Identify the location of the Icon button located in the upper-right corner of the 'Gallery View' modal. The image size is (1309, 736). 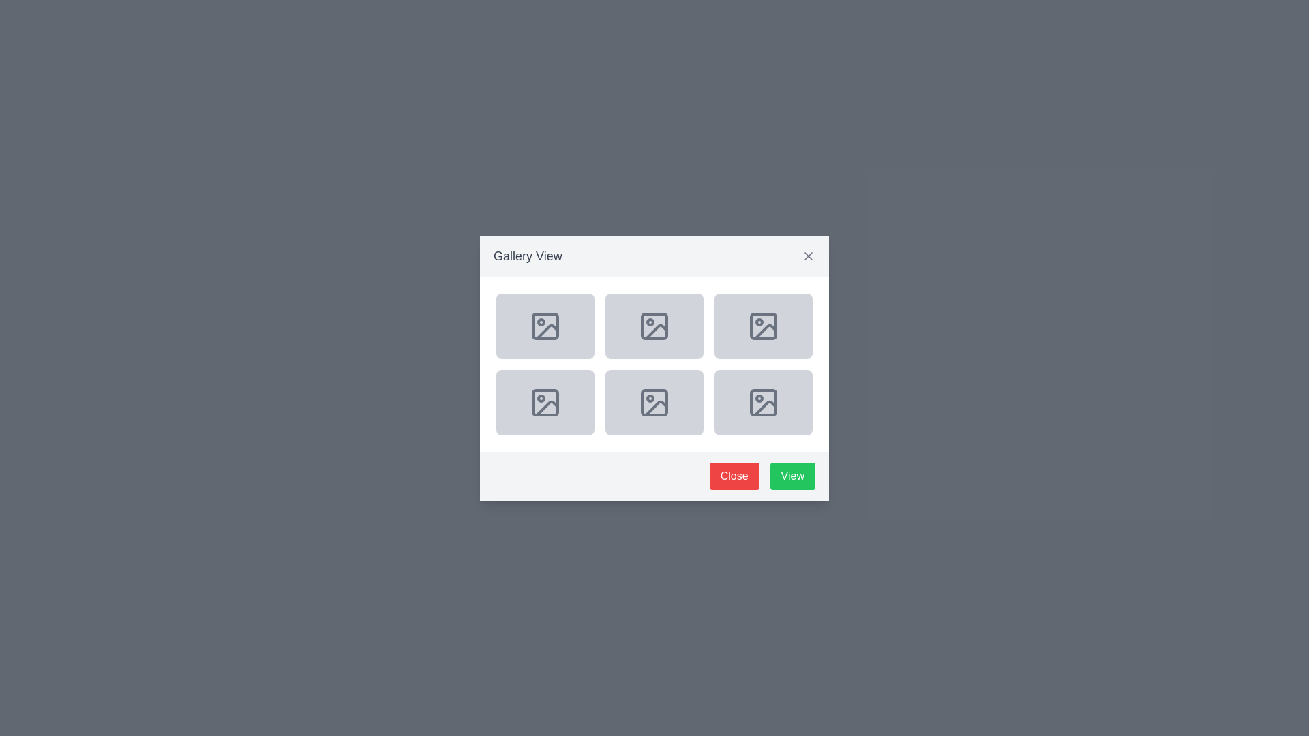
(808, 256).